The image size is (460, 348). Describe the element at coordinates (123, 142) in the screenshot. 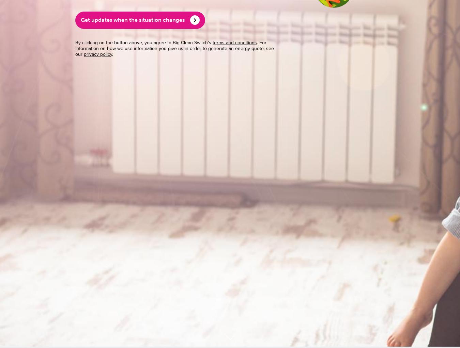

I see `'Ranked top 5 for customer service by Citizens Advice, one of only three suppliers recommended by'` at that location.